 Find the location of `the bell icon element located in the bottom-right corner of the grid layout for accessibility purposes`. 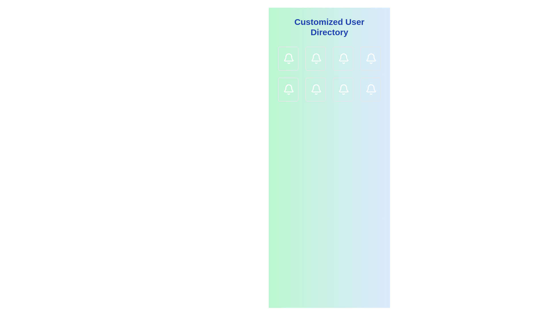

the bell icon element located in the bottom-right corner of the grid layout for accessibility purposes is located at coordinates (371, 89).